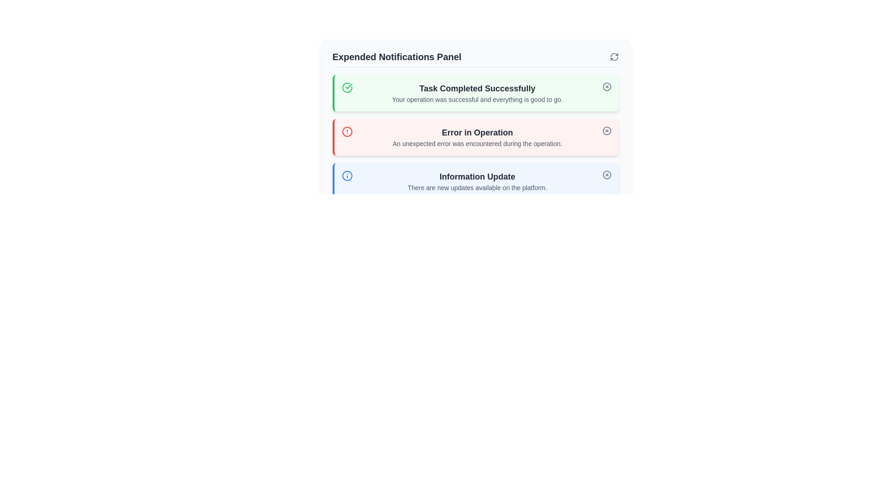 The image size is (881, 496). Describe the element at coordinates (397, 56) in the screenshot. I see `the bold, large dark gray text stating 'Expended Notifications Panel' located at the top-left region of the notifications section` at that location.